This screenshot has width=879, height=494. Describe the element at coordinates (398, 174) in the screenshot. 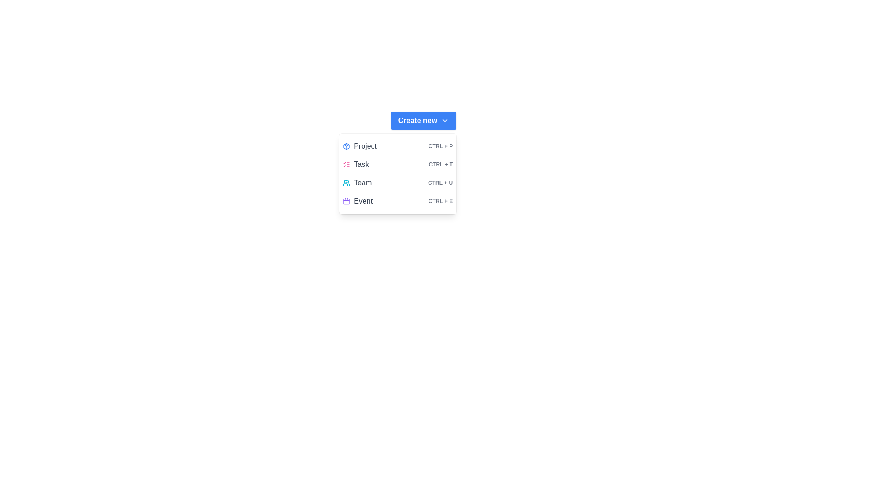

I see `the 'Team' option in the dropdown menu located below the 'Create new' button, which is the third item in the list` at that location.